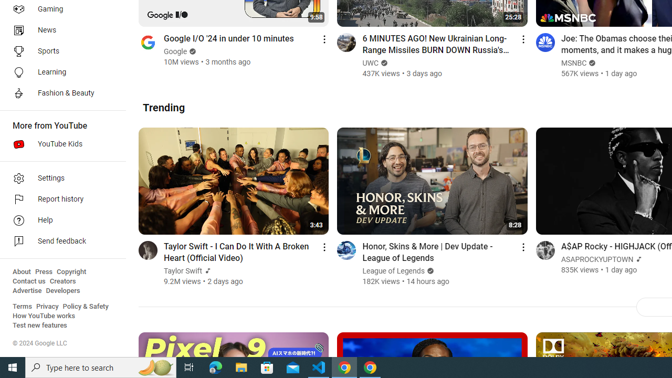 The image size is (672, 378). What do you see at coordinates (40, 325) in the screenshot?
I see `'Test new features'` at bounding box center [40, 325].